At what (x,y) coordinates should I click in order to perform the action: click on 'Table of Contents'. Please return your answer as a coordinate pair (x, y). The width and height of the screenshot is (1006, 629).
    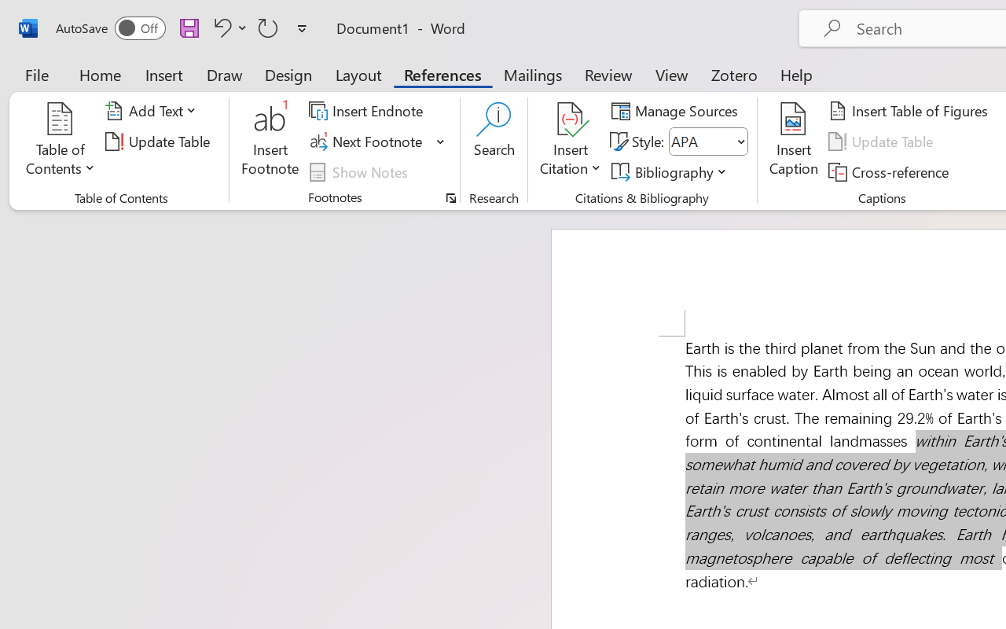
    Looking at the image, I should click on (61, 141).